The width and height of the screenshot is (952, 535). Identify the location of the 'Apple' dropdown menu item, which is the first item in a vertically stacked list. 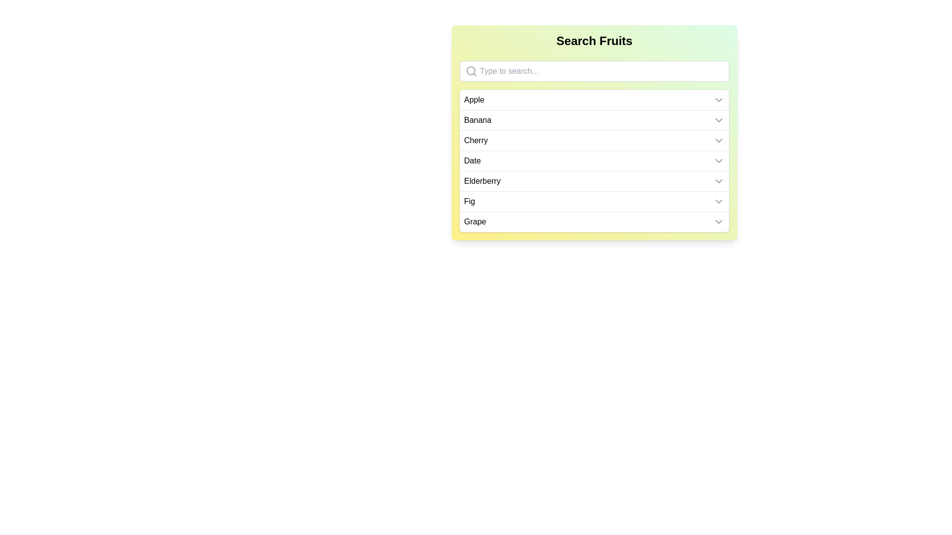
(595, 100).